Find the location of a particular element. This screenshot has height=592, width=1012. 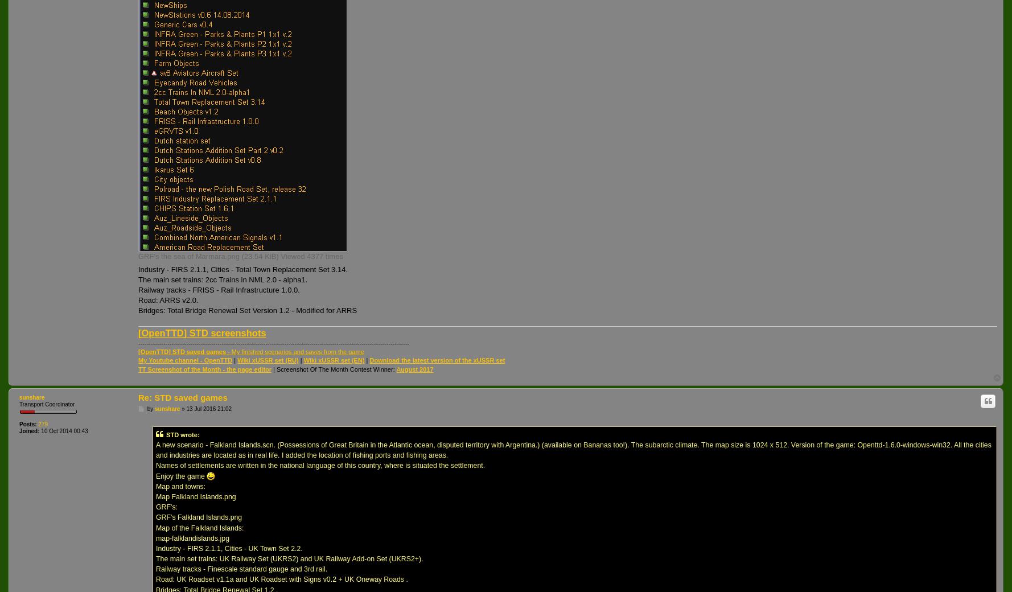

'A' is located at coordinates (397, 368).